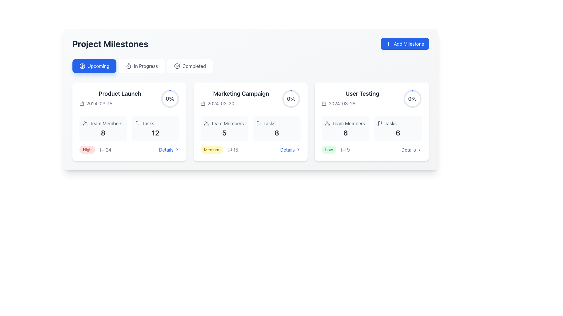 The width and height of the screenshot is (563, 316). What do you see at coordinates (142, 66) in the screenshot?
I see `the 'In Progress' button, which is the second button in the row under 'Project Milestones'` at bounding box center [142, 66].